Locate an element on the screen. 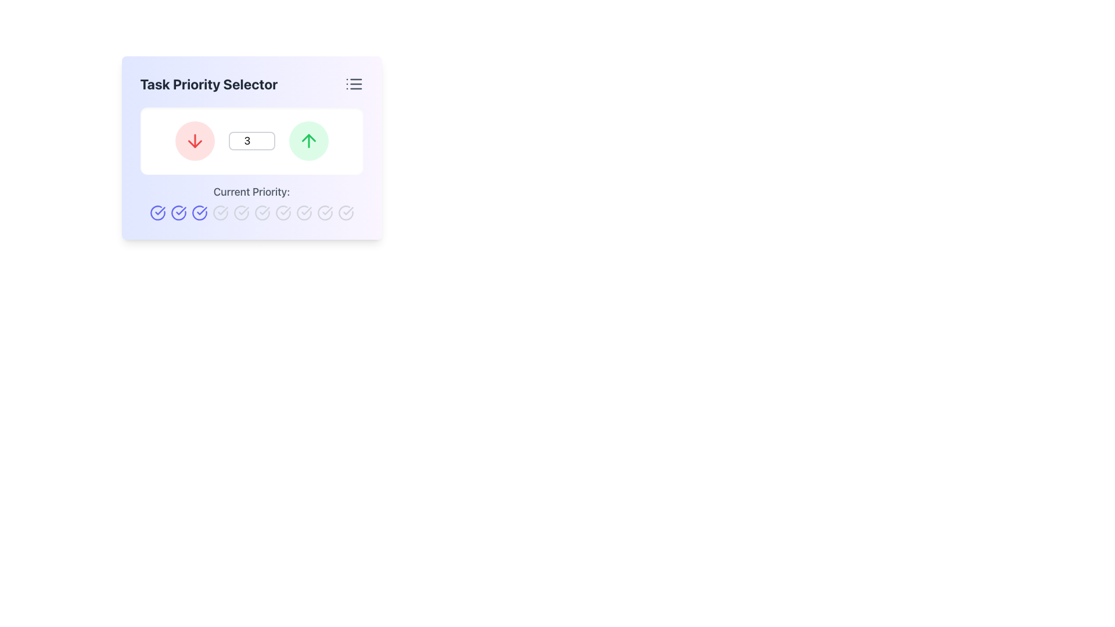  the circular button with a green background and an upward-pointing arrow to prepare for keyboard interaction is located at coordinates (308, 140).